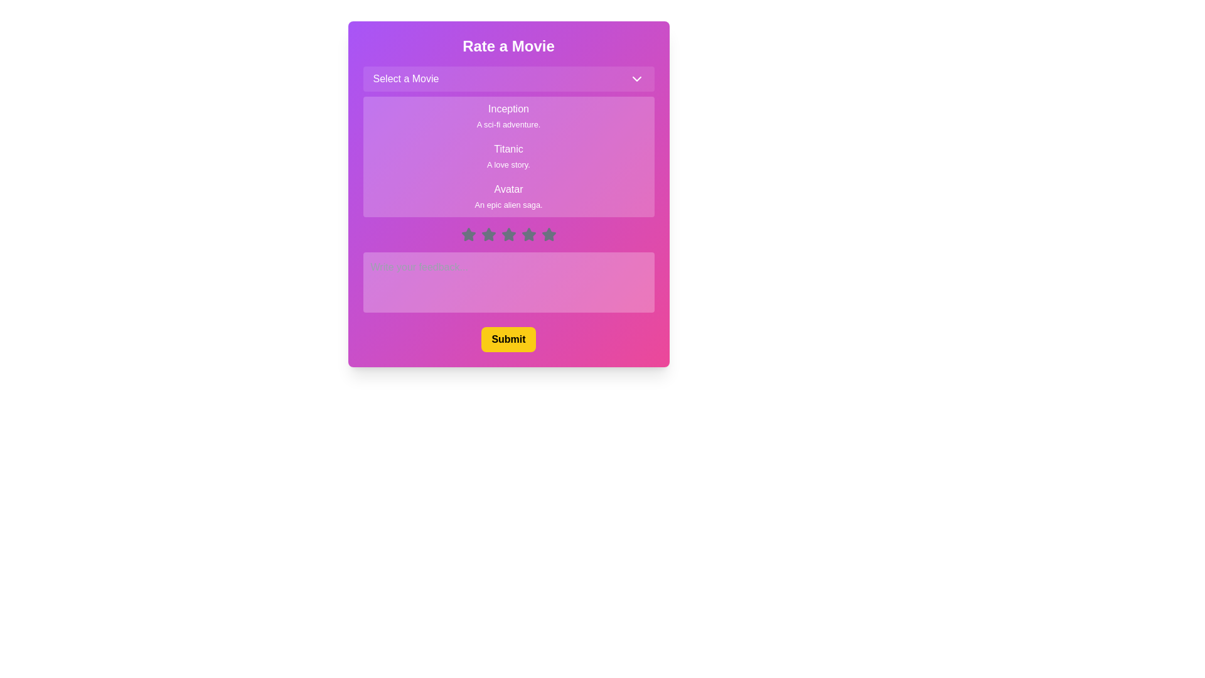 The image size is (1205, 678). What do you see at coordinates (549, 234) in the screenshot?
I see `the fifth rating star icon, which is the rightmost star in a horizontal row of five stars` at bounding box center [549, 234].